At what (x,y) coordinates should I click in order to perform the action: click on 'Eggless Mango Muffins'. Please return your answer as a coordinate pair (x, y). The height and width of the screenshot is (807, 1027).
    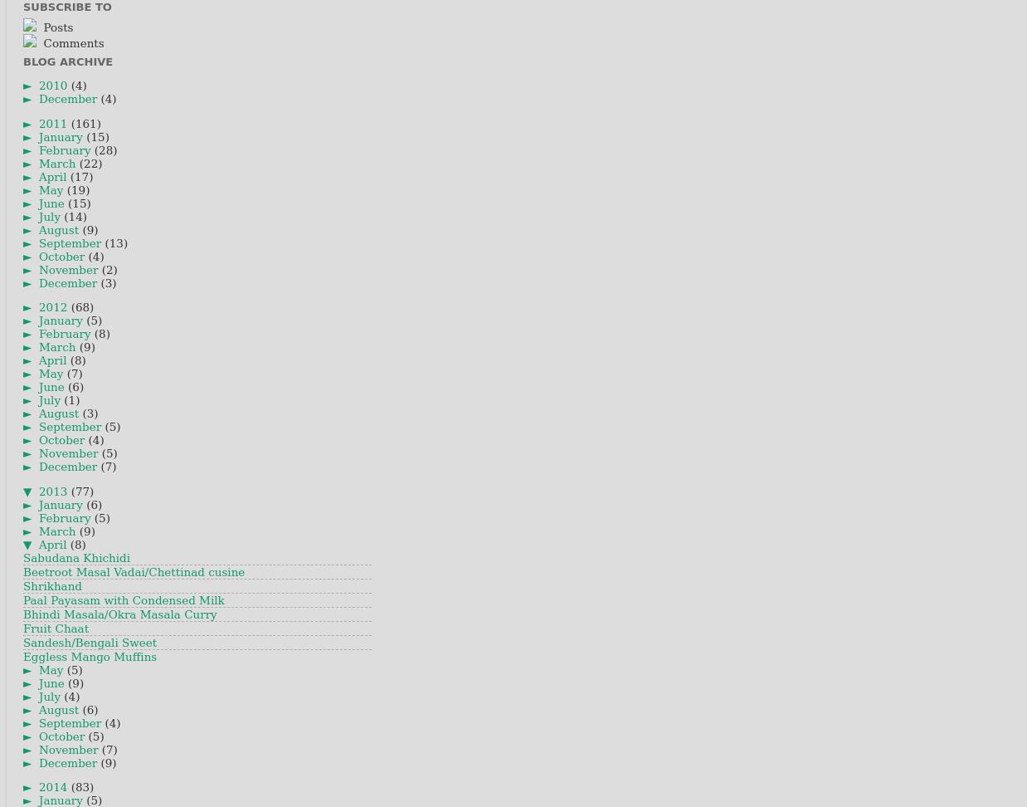
    Looking at the image, I should click on (90, 656).